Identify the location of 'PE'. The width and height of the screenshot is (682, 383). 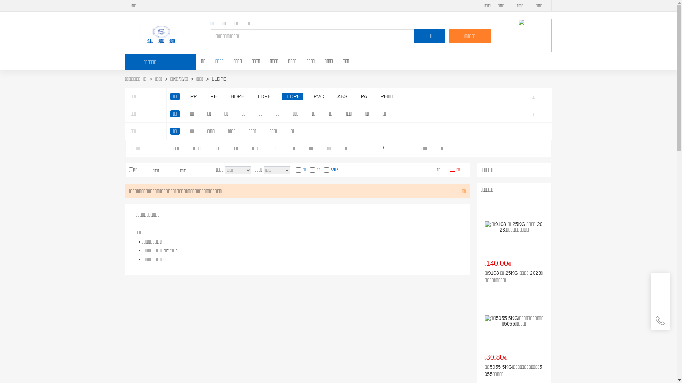
(213, 96).